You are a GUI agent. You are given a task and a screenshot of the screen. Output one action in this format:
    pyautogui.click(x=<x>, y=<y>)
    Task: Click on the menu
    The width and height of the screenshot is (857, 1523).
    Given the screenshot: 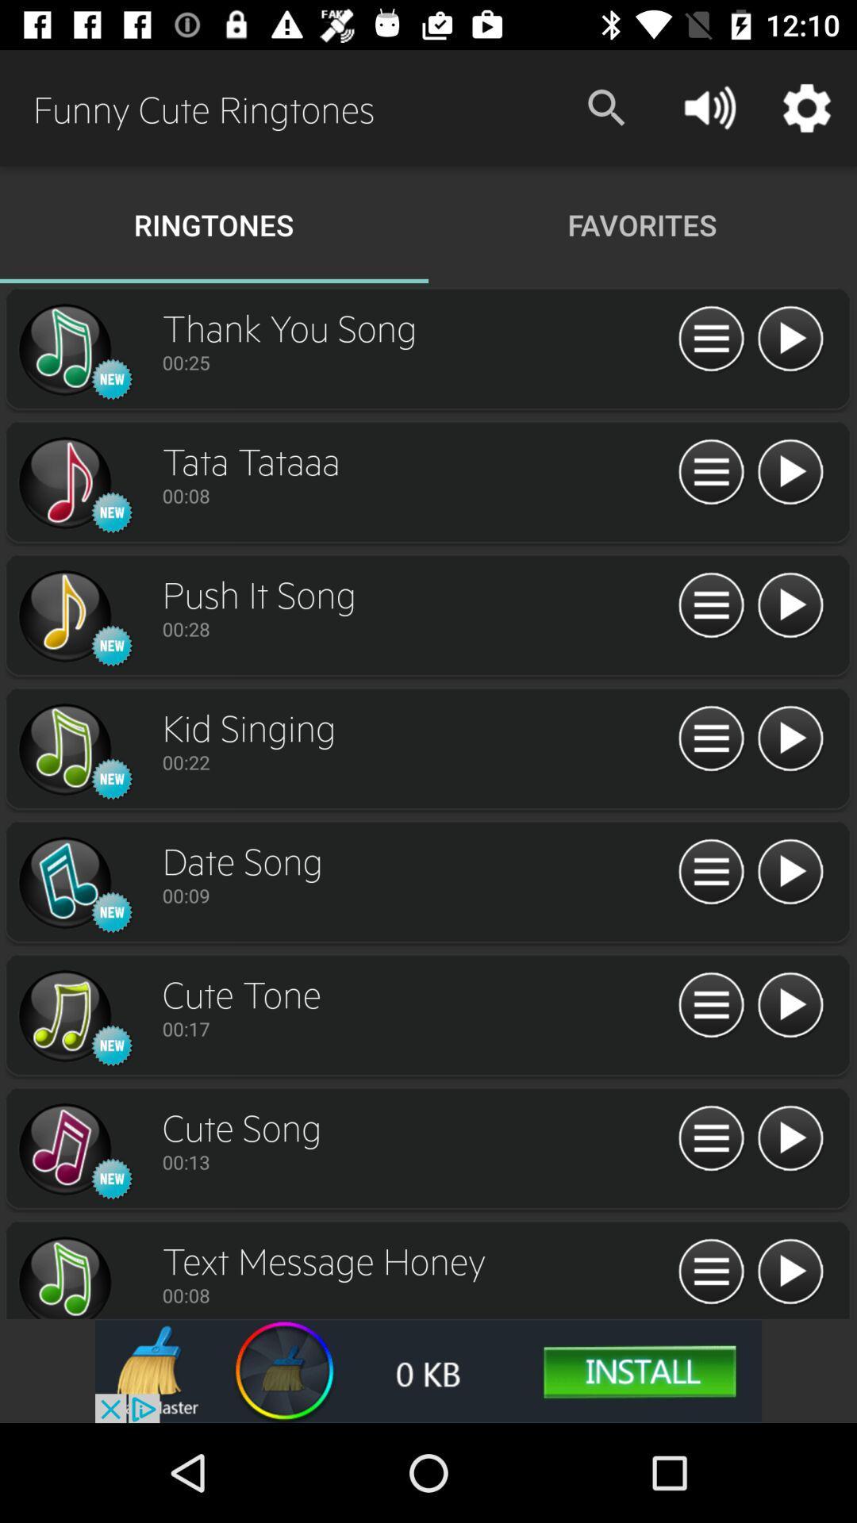 What is the action you would take?
    pyautogui.click(x=710, y=1138)
    